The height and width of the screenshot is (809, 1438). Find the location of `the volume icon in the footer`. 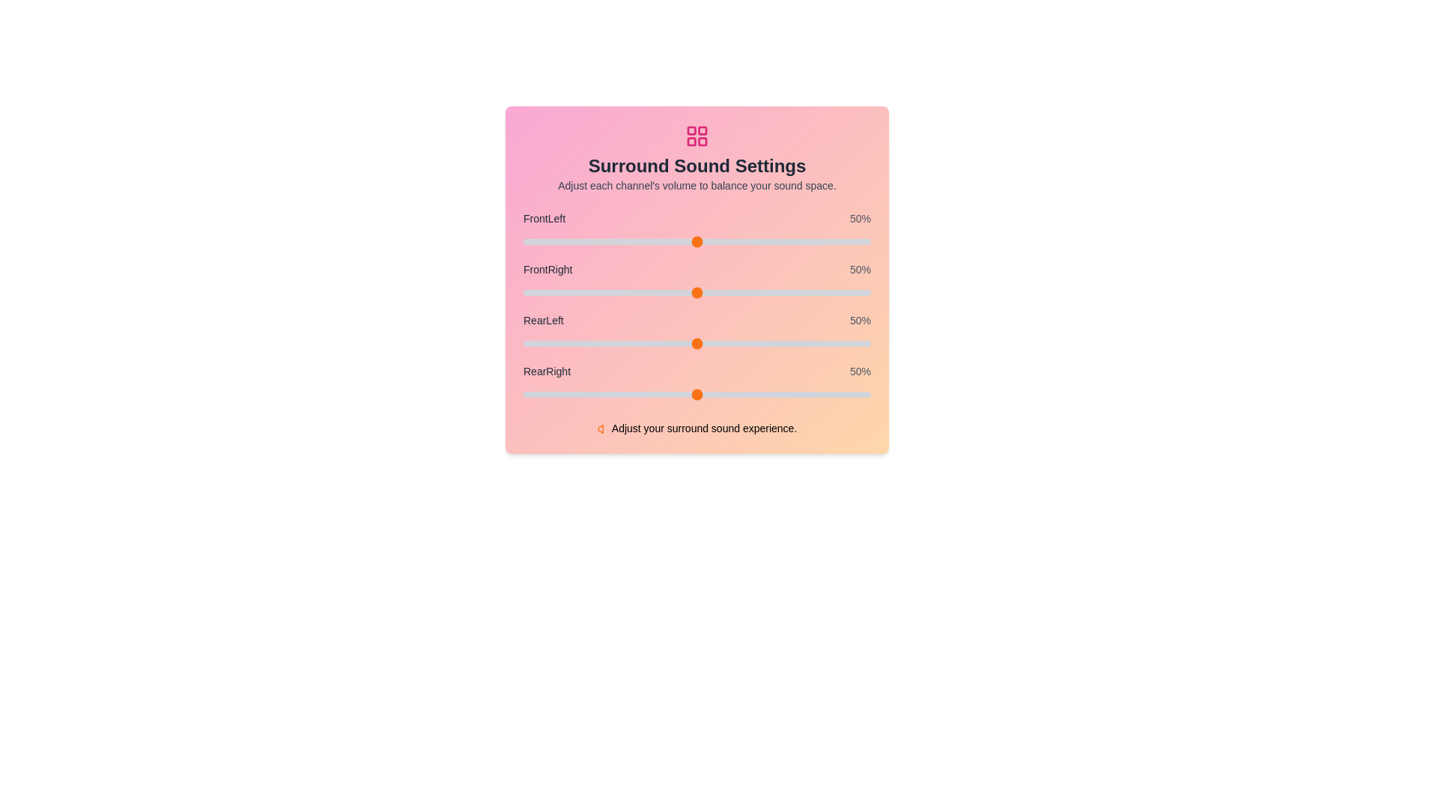

the volume icon in the footer is located at coordinates (603, 429).